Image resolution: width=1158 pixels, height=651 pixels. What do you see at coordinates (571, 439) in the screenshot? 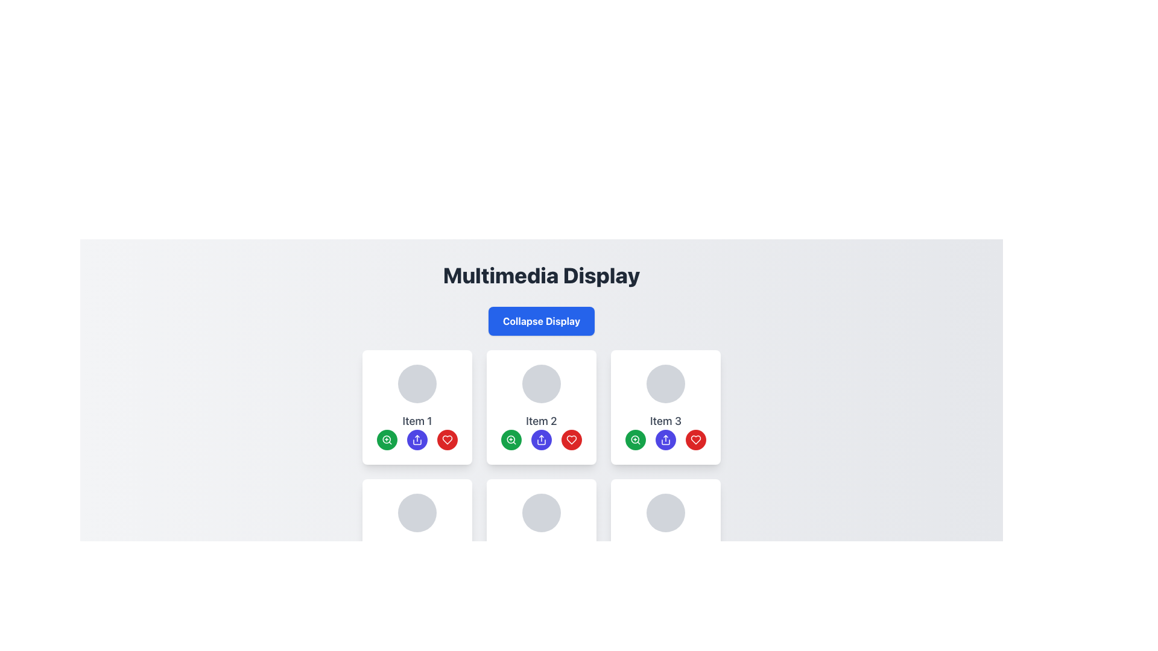
I see `the 'like' button located at the far right of the button set under the card labeled 'Item 2' to mark the item as liked` at bounding box center [571, 439].